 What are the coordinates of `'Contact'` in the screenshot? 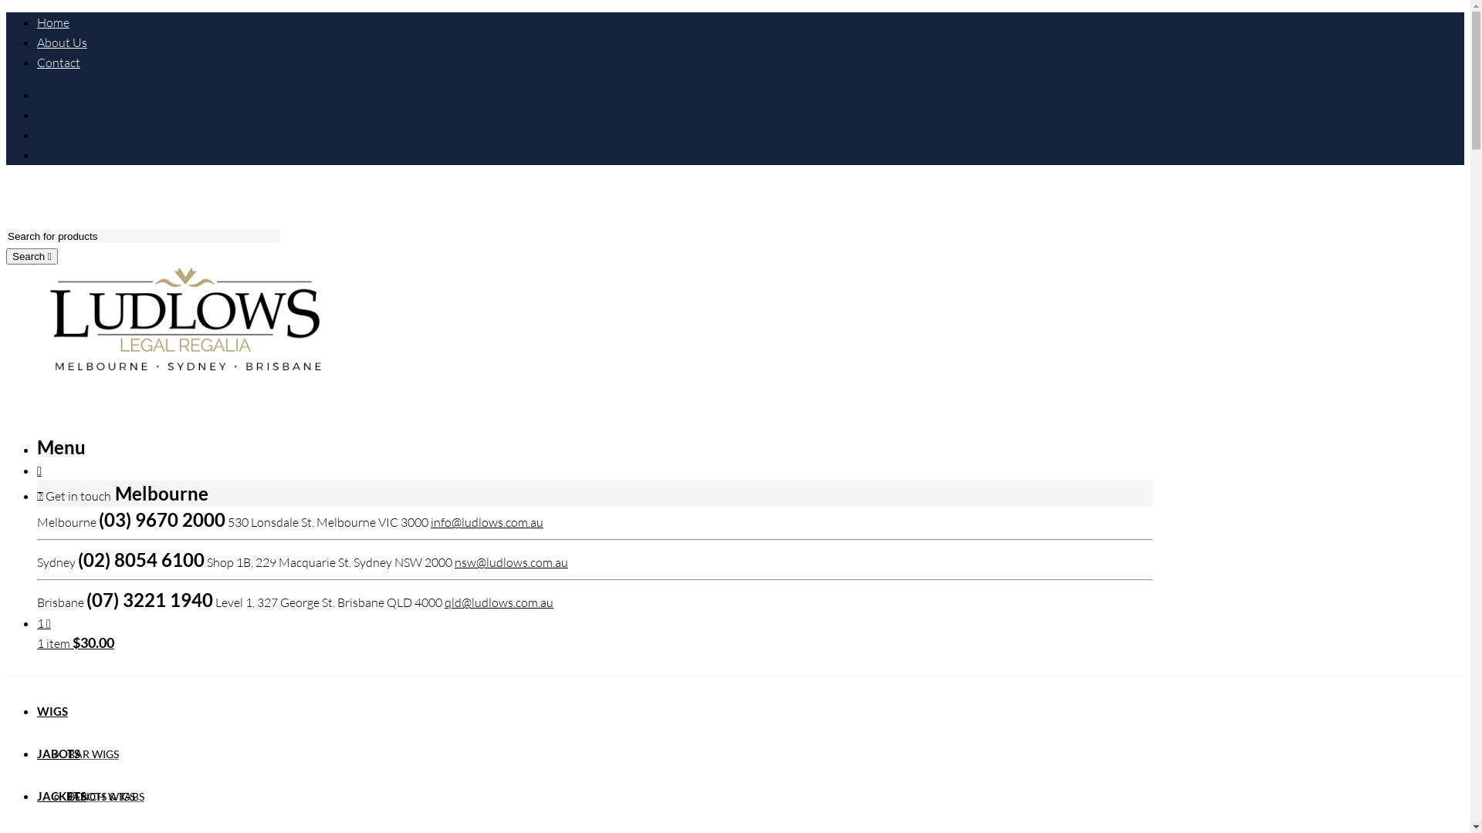 It's located at (59, 62).